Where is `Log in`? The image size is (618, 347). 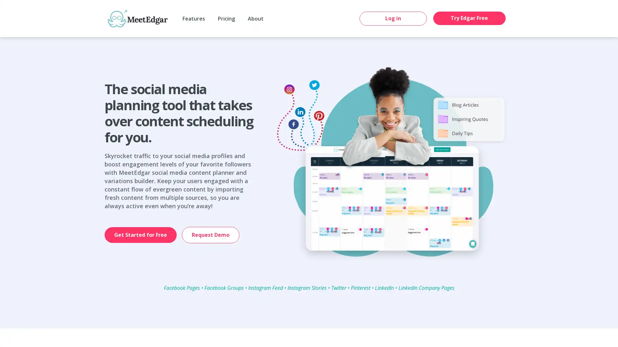 Log in is located at coordinates (393, 18).